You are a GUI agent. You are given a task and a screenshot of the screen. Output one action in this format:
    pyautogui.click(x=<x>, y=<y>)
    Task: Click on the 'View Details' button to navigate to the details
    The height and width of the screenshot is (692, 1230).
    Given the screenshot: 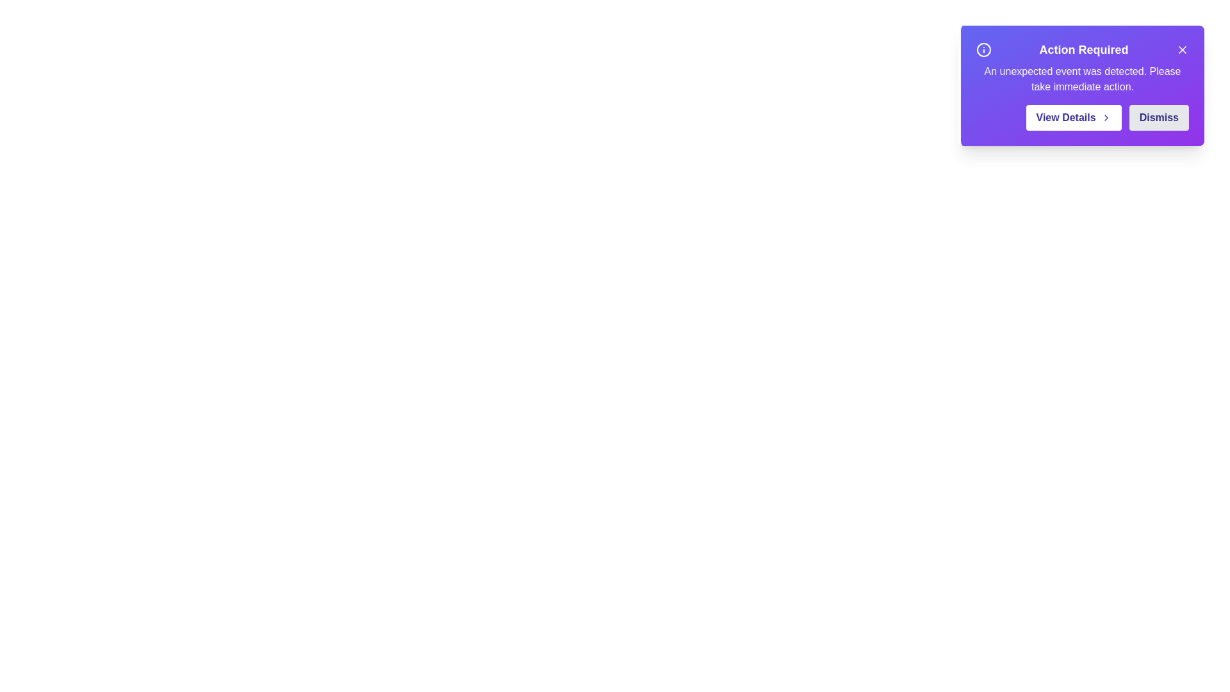 What is the action you would take?
    pyautogui.click(x=1073, y=118)
    